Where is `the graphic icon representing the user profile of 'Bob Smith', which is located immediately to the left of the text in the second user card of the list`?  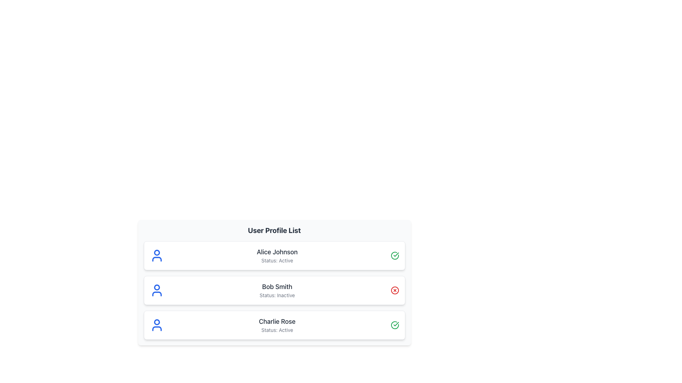 the graphic icon representing the user profile of 'Bob Smith', which is located immediately to the left of the text in the second user card of the list is located at coordinates (156, 290).